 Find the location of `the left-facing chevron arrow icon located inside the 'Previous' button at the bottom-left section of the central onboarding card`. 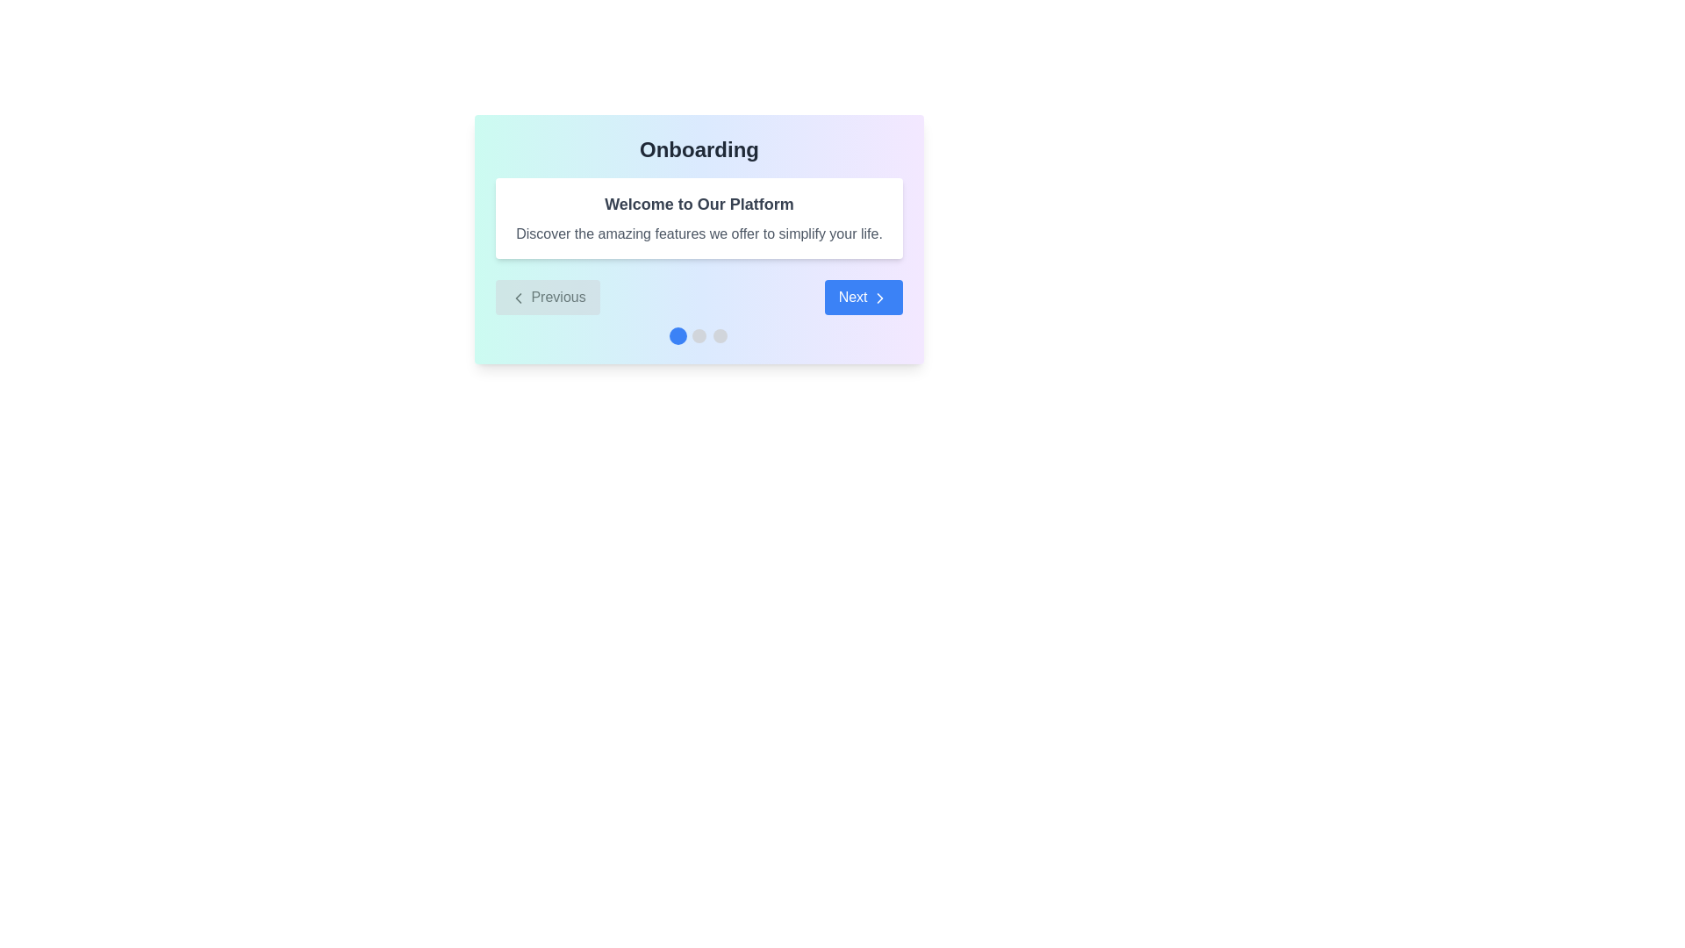

the left-facing chevron arrow icon located inside the 'Previous' button at the bottom-left section of the central onboarding card is located at coordinates (517, 297).